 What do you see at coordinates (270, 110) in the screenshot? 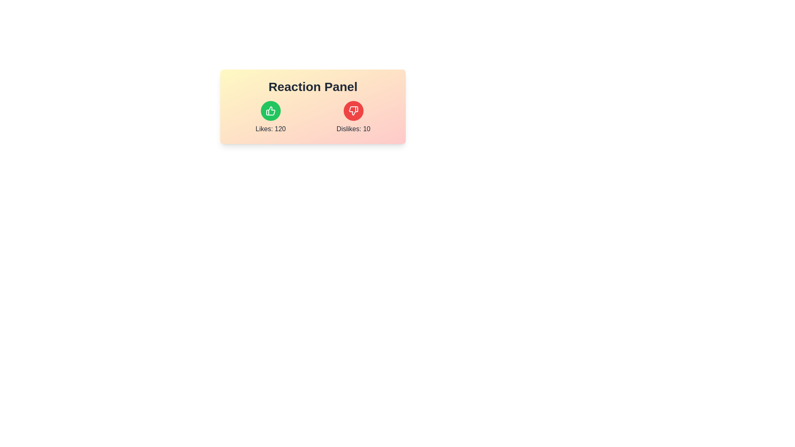
I see `the 'like' icon located in the 'Reaction Panel', positioned directly to the left of the red thumbs-down icon and above the text 'Likes: 120'` at bounding box center [270, 110].